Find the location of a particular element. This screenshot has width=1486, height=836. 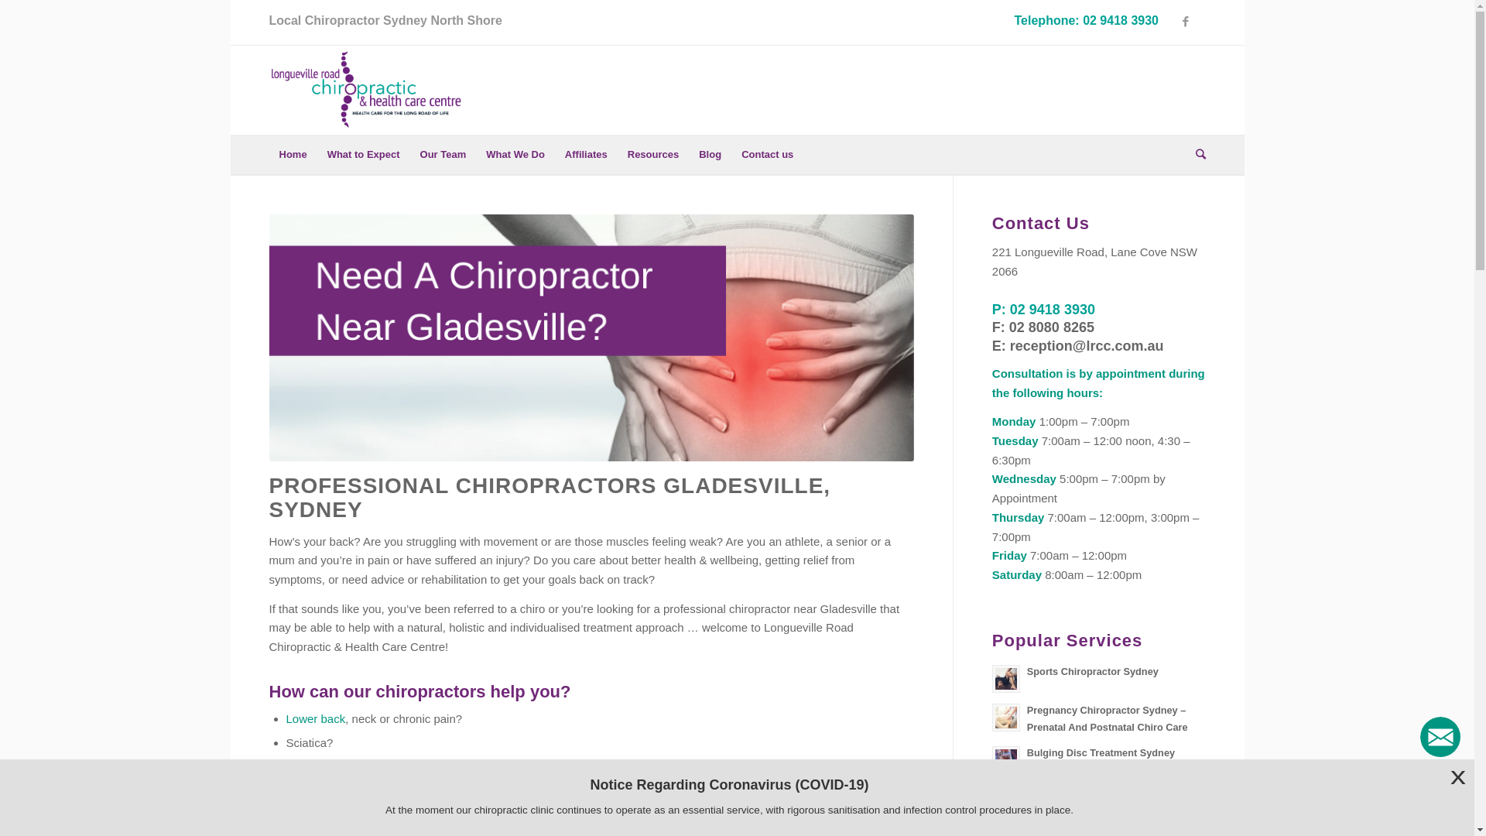

'Affiliates' is located at coordinates (585, 155).